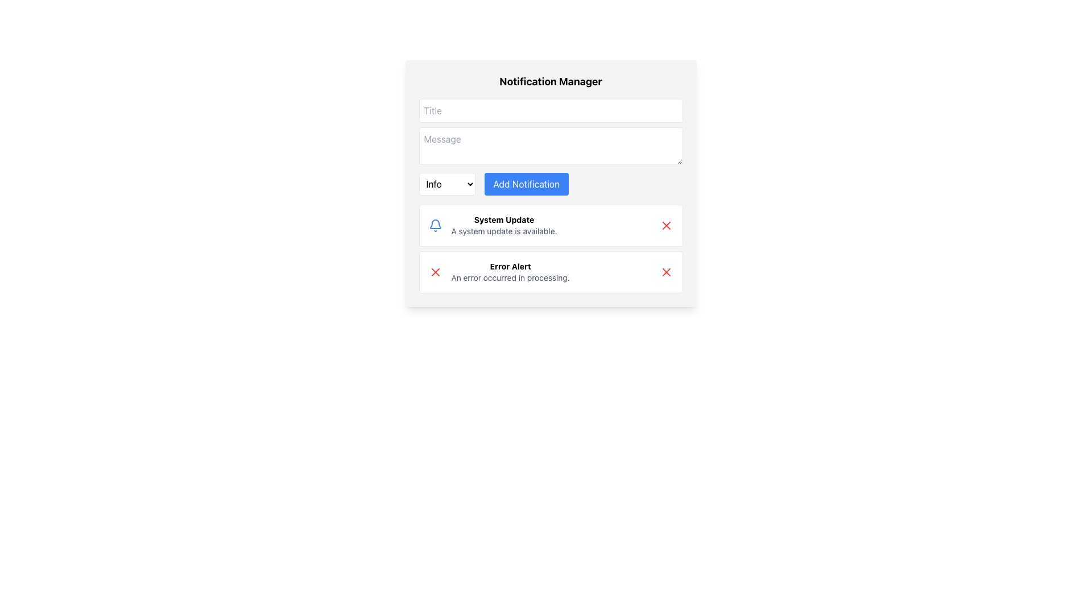 Image resolution: width=1092 pixels, height=614 pixels. What do you see at coordinates (503, 226) in the screenshot?
I see `the first notification item in the Notification Manager interface, which includes a blue bell icon on the left and a red 'X' button on the right, indicating a system update availability` at bounding box center [503, 226].